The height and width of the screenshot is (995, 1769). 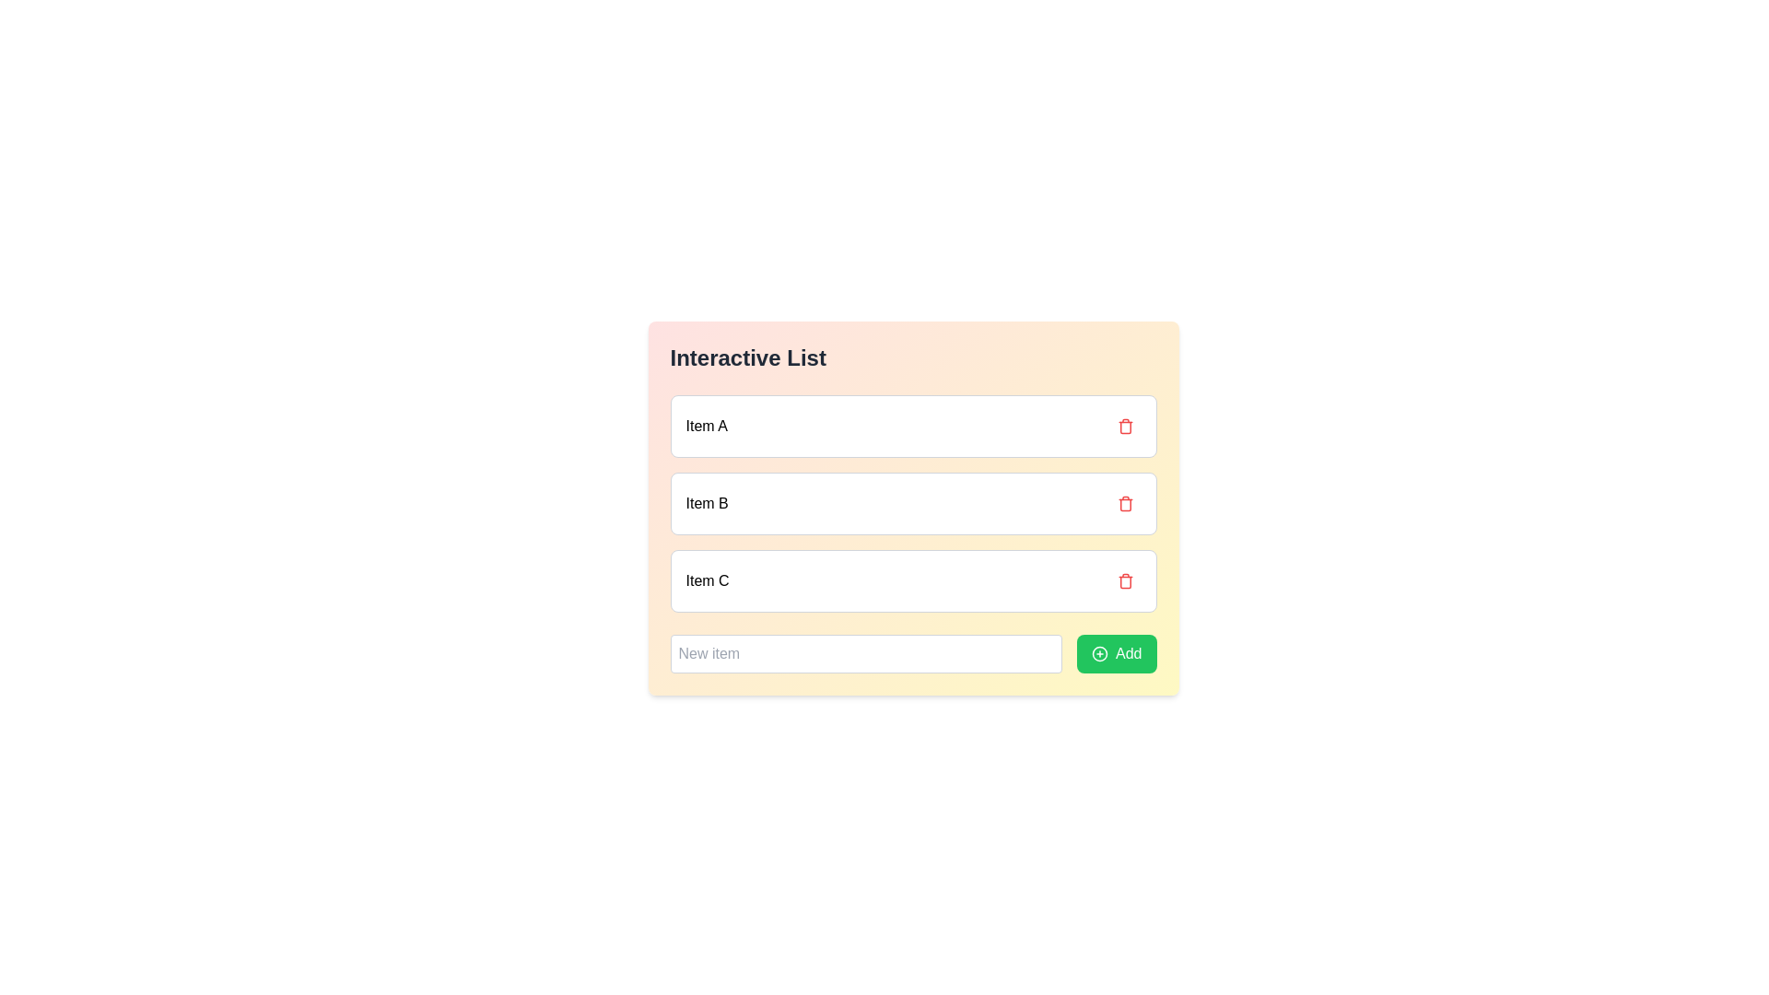 What do you see at coordinates (1100, 652) in the screenshot?
I see `the green 'Add' button icon, which is a circle with a consistent stroke, located in the bottom-right corner of the interface` at bounding box center [1100, 652].